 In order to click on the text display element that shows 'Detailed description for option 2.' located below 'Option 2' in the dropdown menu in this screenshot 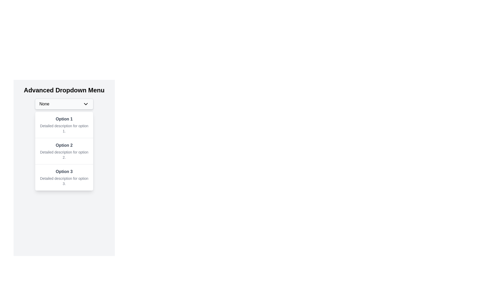, I will do `click(64, 154)`.